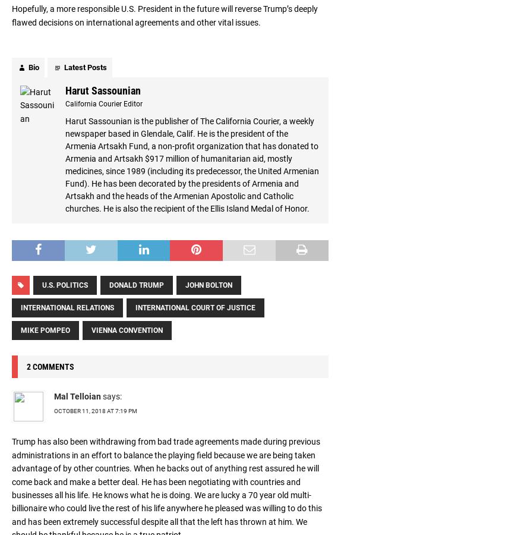 The width and height of the screenshot is (505, 535). What do you see at coordinates (64, 90) in the screenshot?
I see `'Harut Sassounian'` at bounding box center [64, 90].